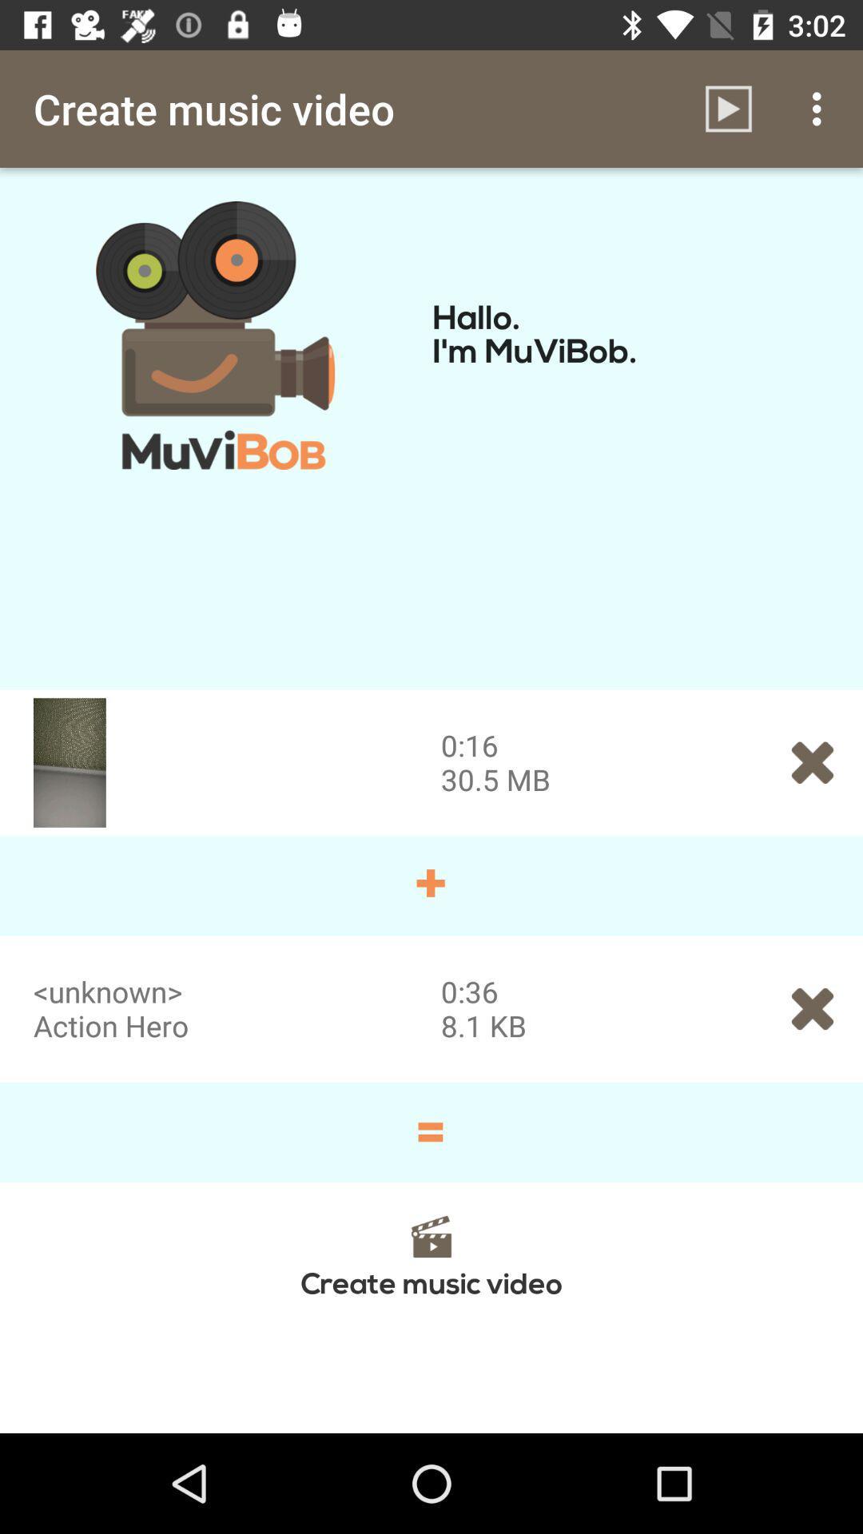  Describe the element at coordinates (813, 761) in the screenshot. I see `the close icon` at that location.